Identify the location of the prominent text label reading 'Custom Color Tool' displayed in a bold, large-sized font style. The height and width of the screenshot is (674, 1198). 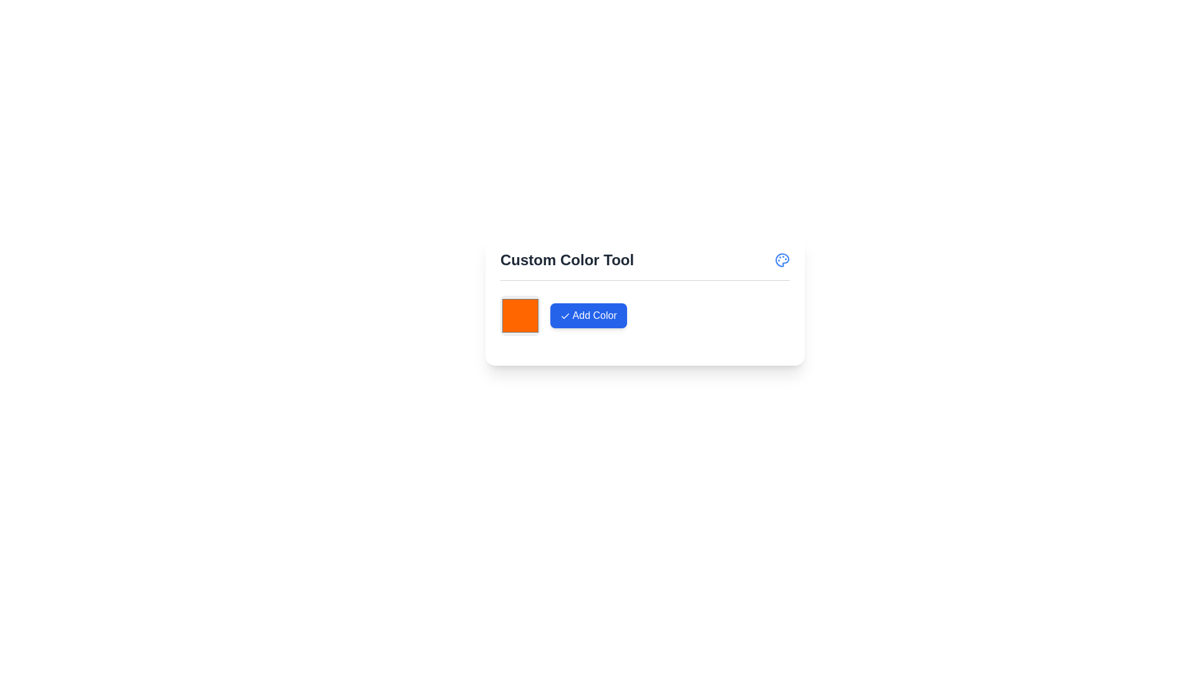
(567, 259).